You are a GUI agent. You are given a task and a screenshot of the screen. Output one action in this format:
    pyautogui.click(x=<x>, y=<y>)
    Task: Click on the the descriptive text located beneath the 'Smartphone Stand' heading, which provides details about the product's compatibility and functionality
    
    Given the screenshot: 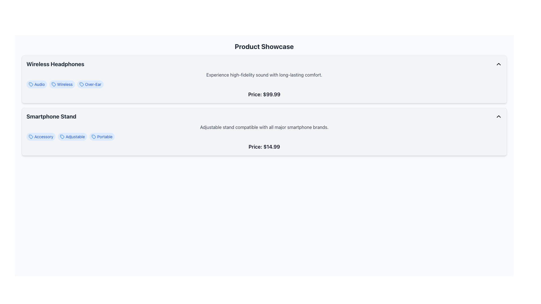 What is the action you would take?
    pyautogui.click(x=264, y=127)
    